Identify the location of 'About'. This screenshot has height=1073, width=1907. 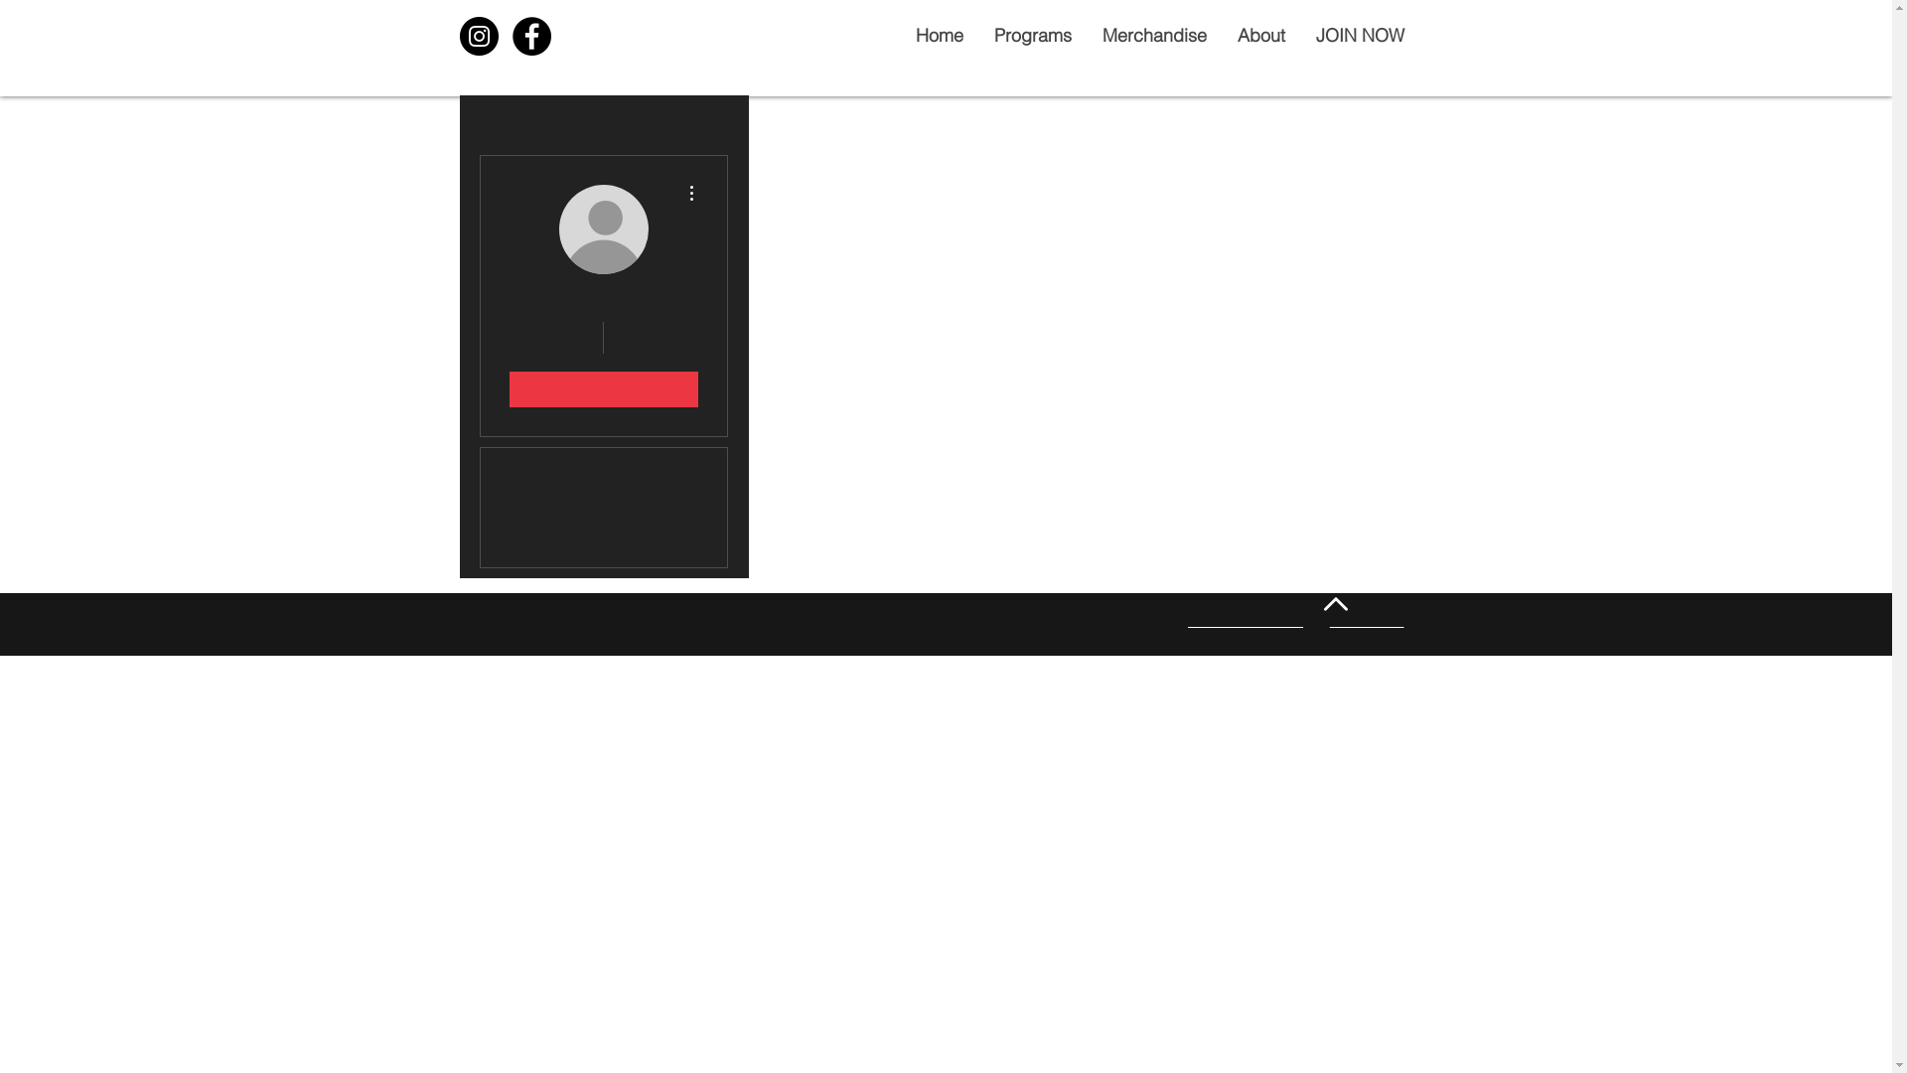
(1259, 35).